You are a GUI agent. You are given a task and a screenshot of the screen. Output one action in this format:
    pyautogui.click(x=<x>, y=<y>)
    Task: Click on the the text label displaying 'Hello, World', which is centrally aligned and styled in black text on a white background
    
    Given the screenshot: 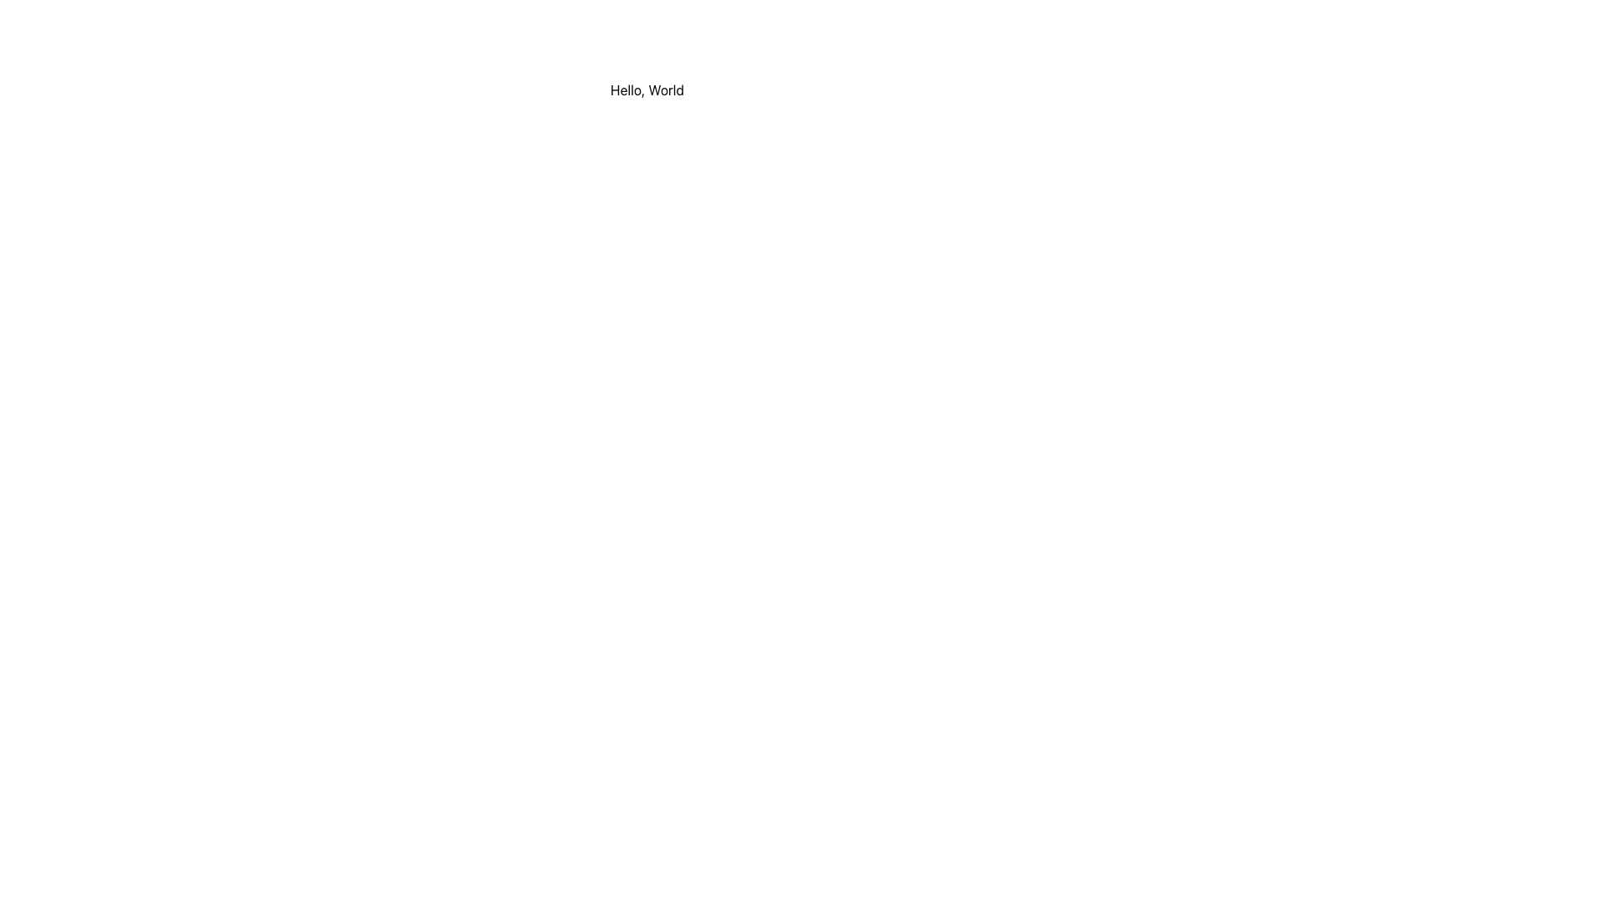 What is the action you would take?
    pyautogui.click(x=646, y=90)
    